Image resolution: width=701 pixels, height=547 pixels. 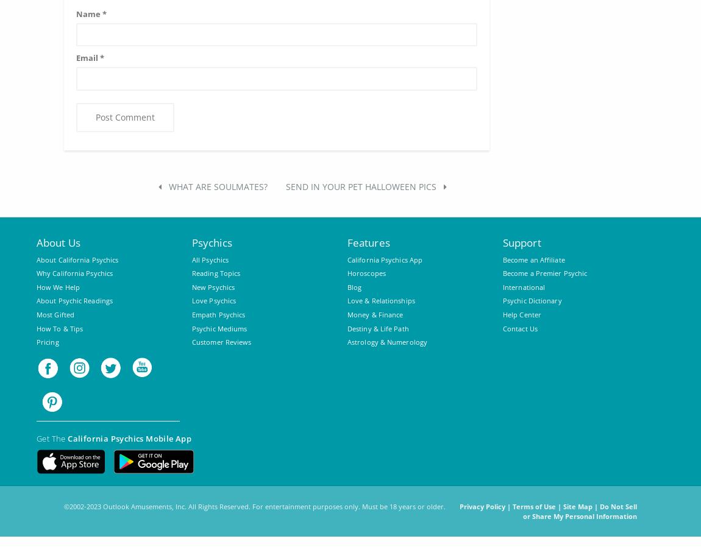 I want to click on 'Blog', so click(x=354, y=286).